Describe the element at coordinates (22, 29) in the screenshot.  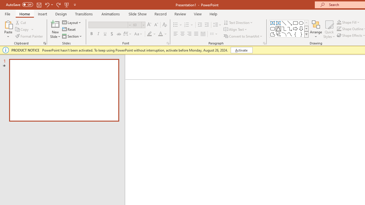
I see `'Copy'` at that location.